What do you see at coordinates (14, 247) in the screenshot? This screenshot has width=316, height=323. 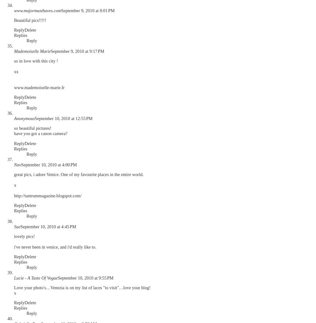 I see `'i've never been in venice, and i'd really like to.'` at bounding box center [14, 247].